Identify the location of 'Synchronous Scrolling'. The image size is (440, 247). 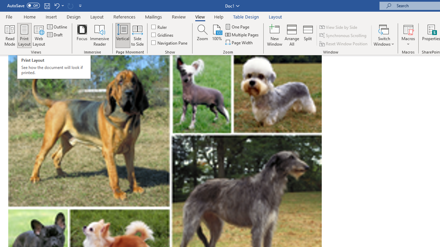
(343, 35).